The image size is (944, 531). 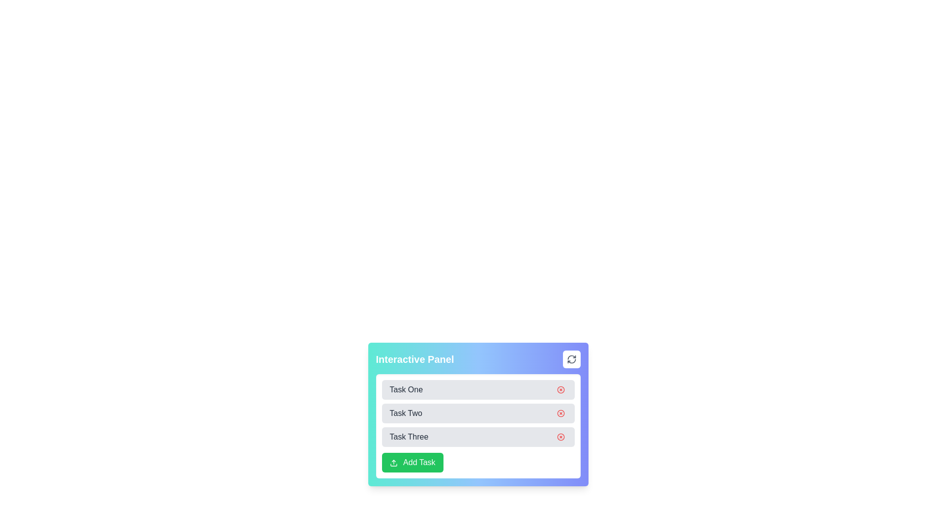 I want to click on the delete button located to the right of the label 'Task Two' in the second row of the task list, so click(x=560, y=413).